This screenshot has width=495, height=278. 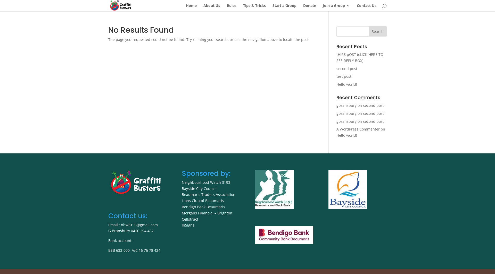 What do you see at coordinates (231, 7) in the screenshot?
I see `'Rules'` at bounding box center [231, 7].